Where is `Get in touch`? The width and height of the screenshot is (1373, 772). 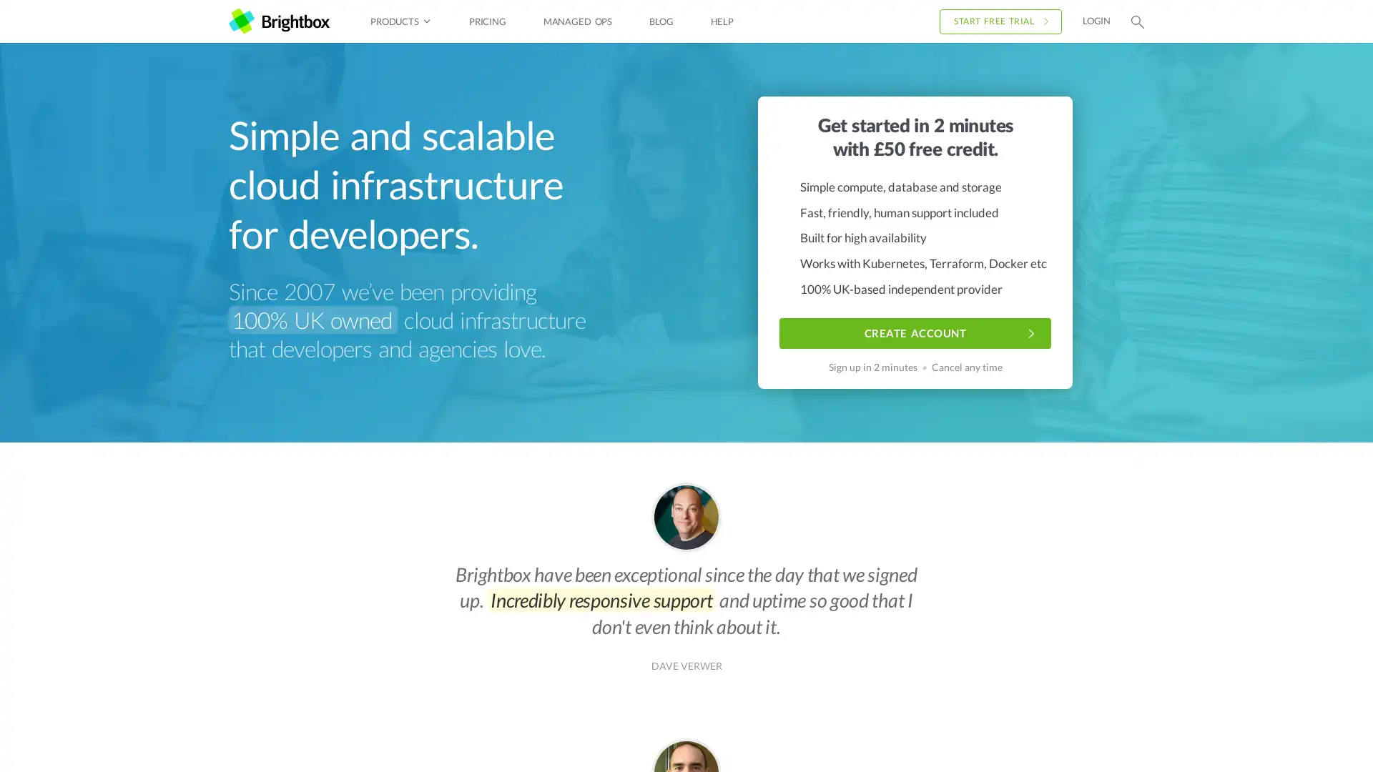 Get in touch is located at coordinates (1294, 739).